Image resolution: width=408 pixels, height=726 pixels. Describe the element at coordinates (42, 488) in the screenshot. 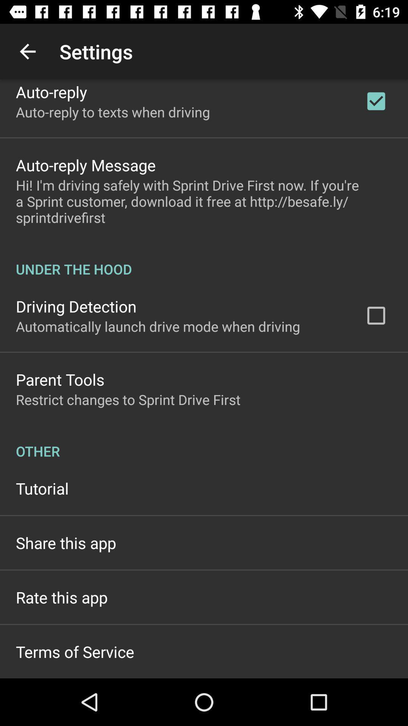

I see `the item below other icon` at that location.